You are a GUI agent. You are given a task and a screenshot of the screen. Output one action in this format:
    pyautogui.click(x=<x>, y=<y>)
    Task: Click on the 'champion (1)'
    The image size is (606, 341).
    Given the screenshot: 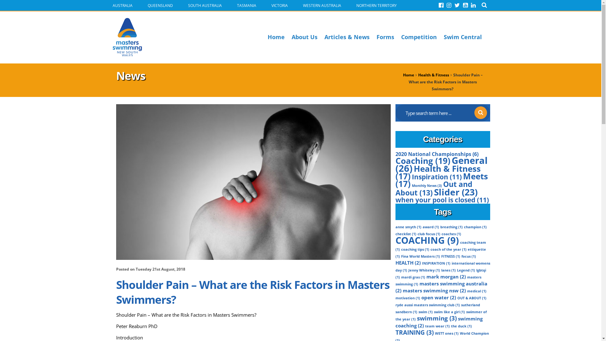 What is the action you would take?
    pyautogui.click(x=475, y=226)
    